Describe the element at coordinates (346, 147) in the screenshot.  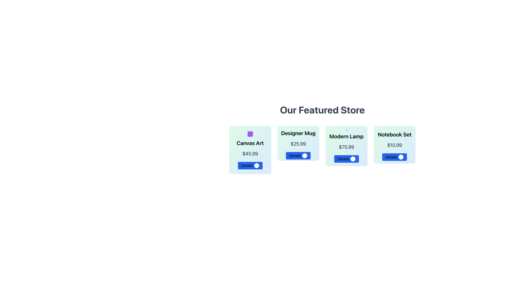
I see `the price display label for the Modern Lamp, which is positioned below the title and above the Details button in the product card` at that location.